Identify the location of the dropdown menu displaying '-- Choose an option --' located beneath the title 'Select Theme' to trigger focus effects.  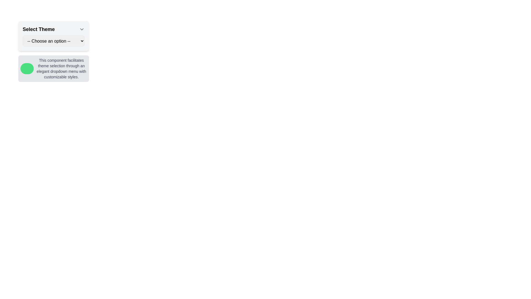
(53, 40).